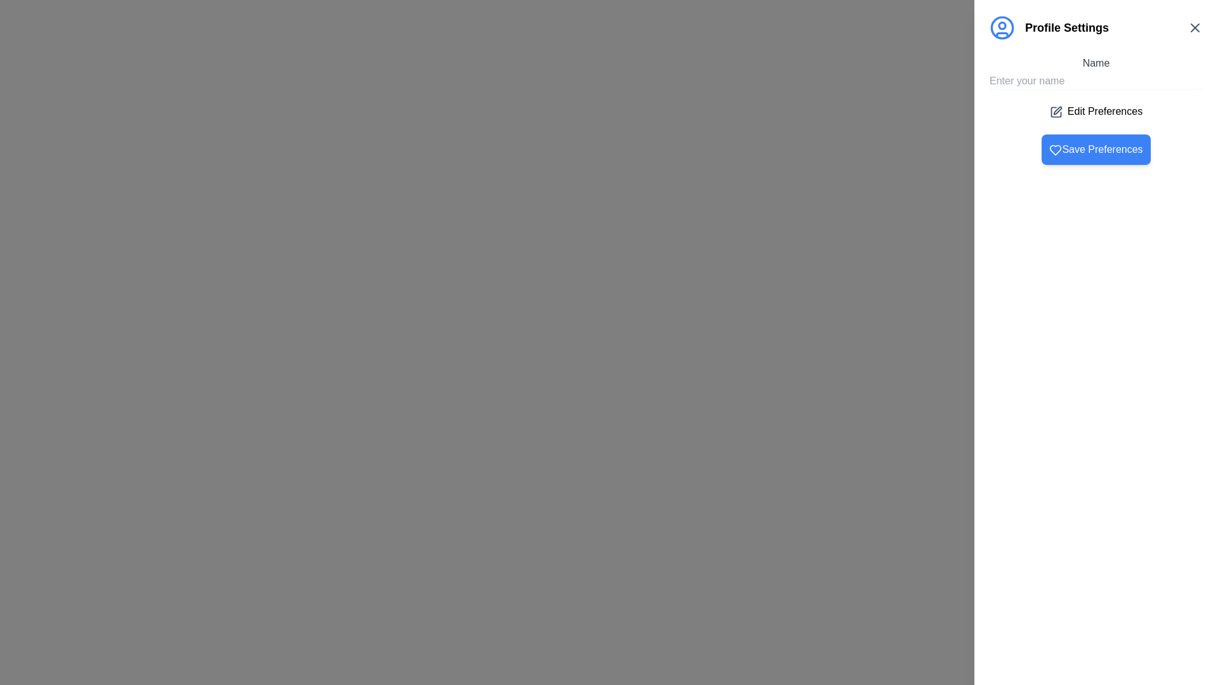 This screenshot has width=1218, height=685. What do you see at coordinates (1096, 148) in the screenshot?
I see `the 'Save Preferences' button with a blue background and white text` at bounding box center [1096, 148].